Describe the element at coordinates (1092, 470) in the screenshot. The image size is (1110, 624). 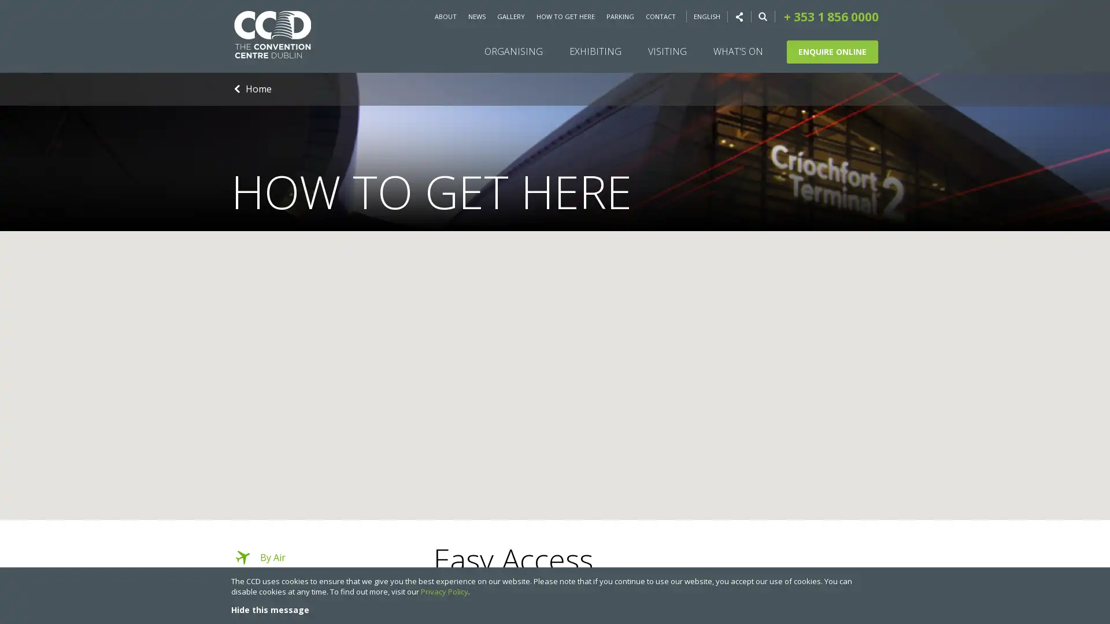
I see `Zoom in` at that location.